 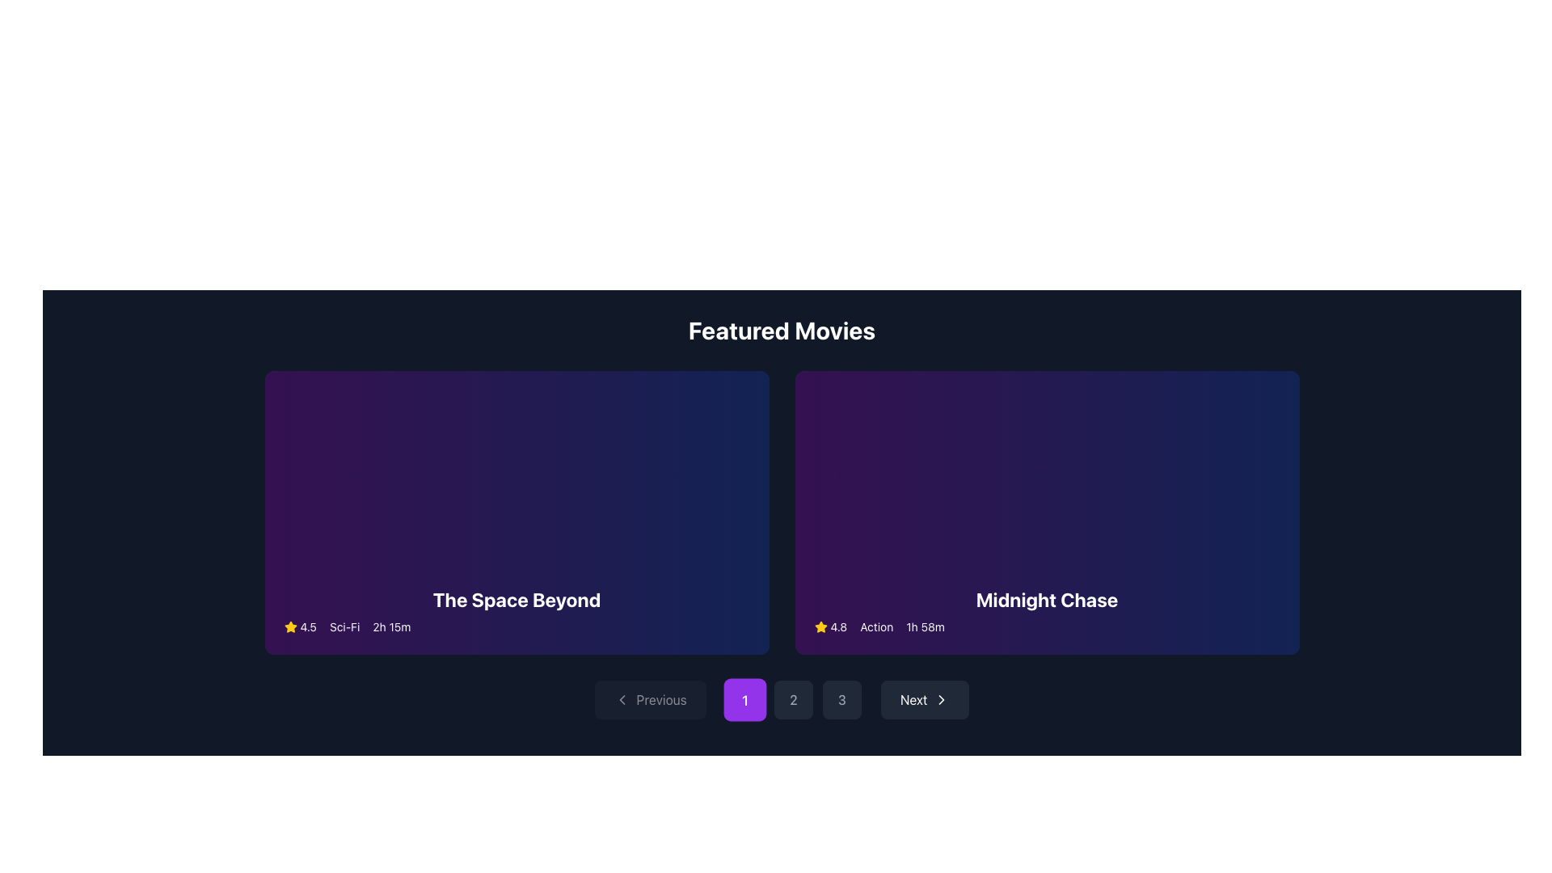 I want to click on the text label element displaying the title 'Midnight Chase' located in the rightmost card of the 'Featured Movies' section, so click(x=1047, y=599).